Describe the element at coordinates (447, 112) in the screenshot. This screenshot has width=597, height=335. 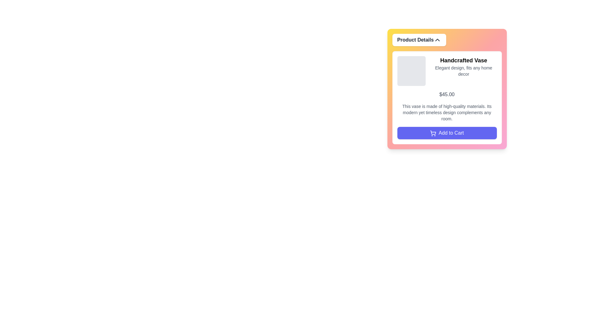
I see `the text display that describes the product, which is styled in a small, gray font and contains the text: 'This vase is made of high-quality materials. Its modern yet timeless design complements any room.' This element is located below the product title and price, above the 'Add to Cart' button` at that location.